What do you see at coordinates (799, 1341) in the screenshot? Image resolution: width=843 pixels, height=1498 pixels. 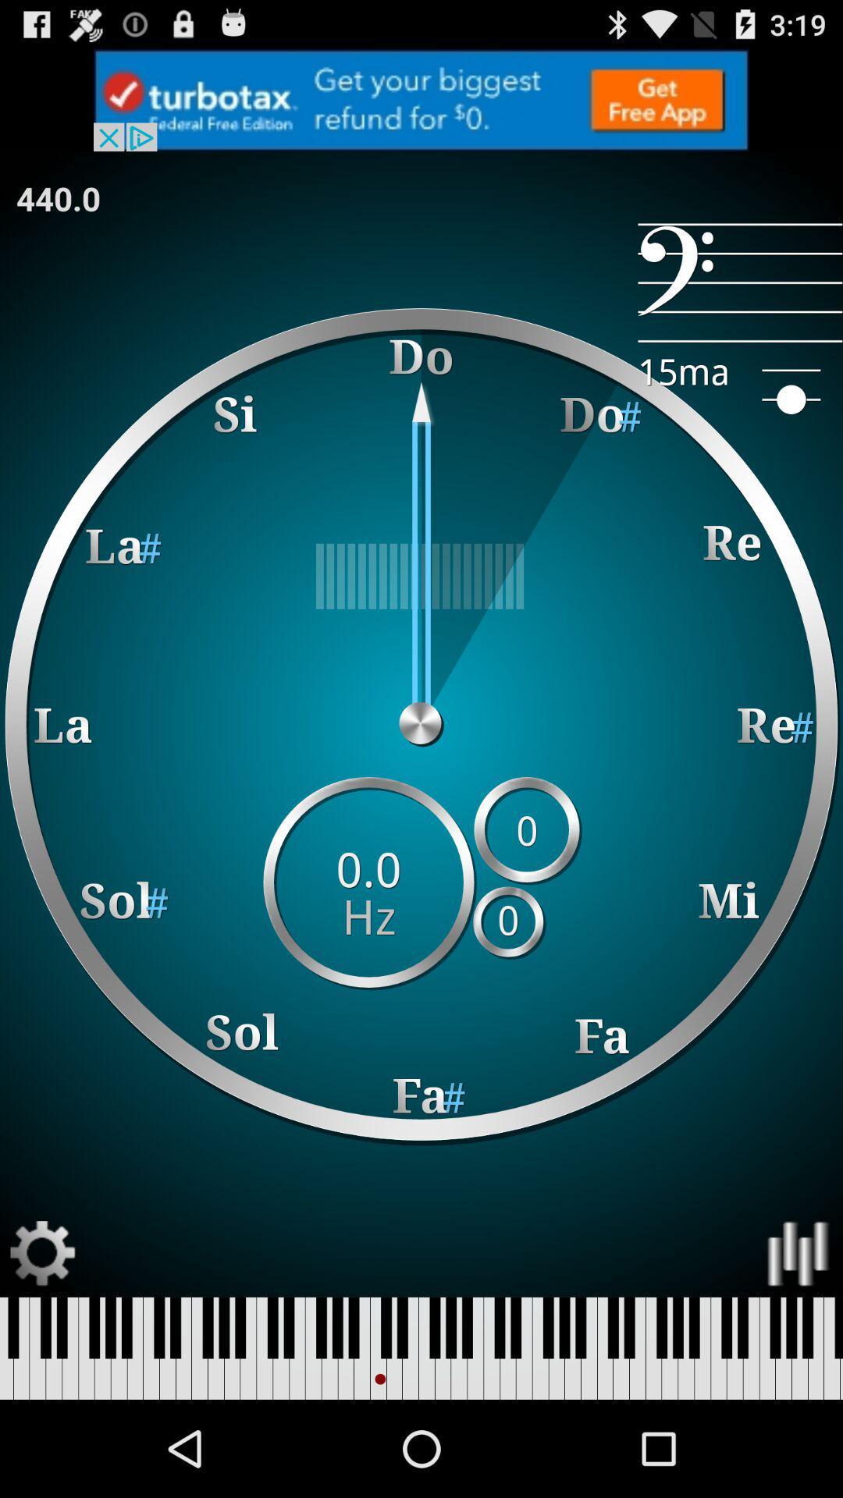 I see `the pause icon` at bounding box center [799, 1341].